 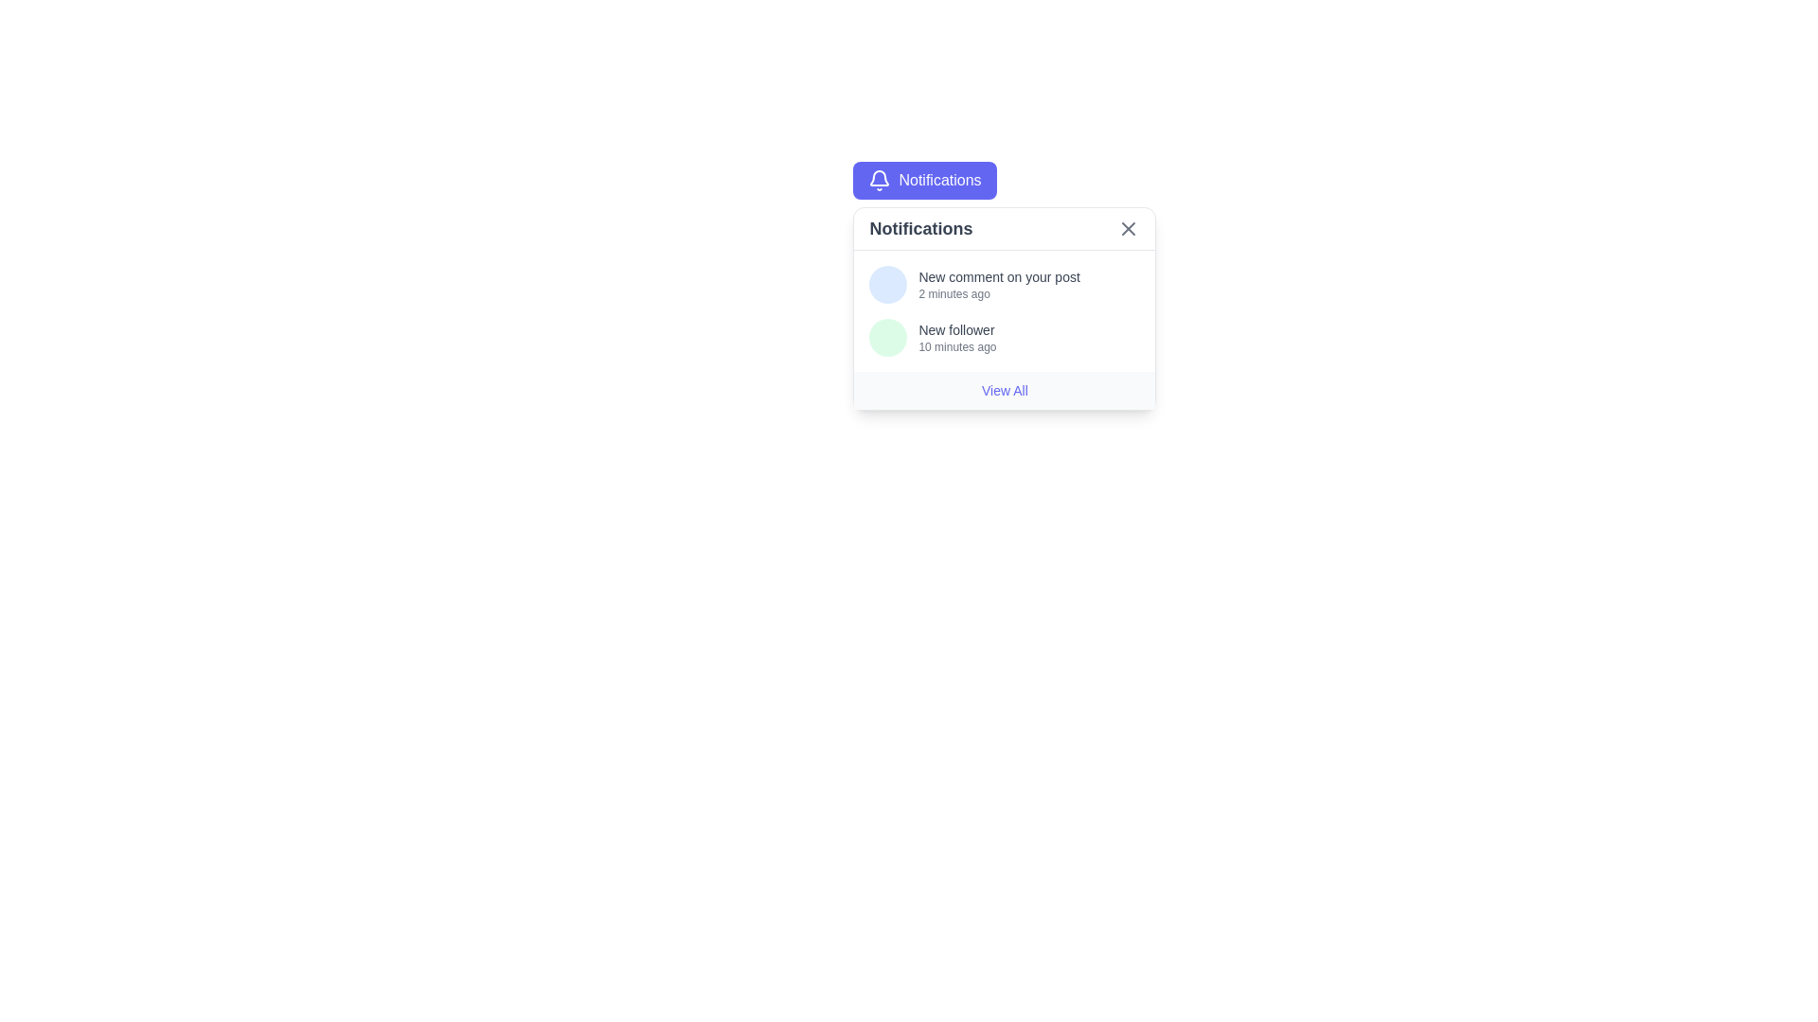 I want to click on the first notification item in the notification modal that informs the user about a new comment on their post, so click(x=1004, y=284).